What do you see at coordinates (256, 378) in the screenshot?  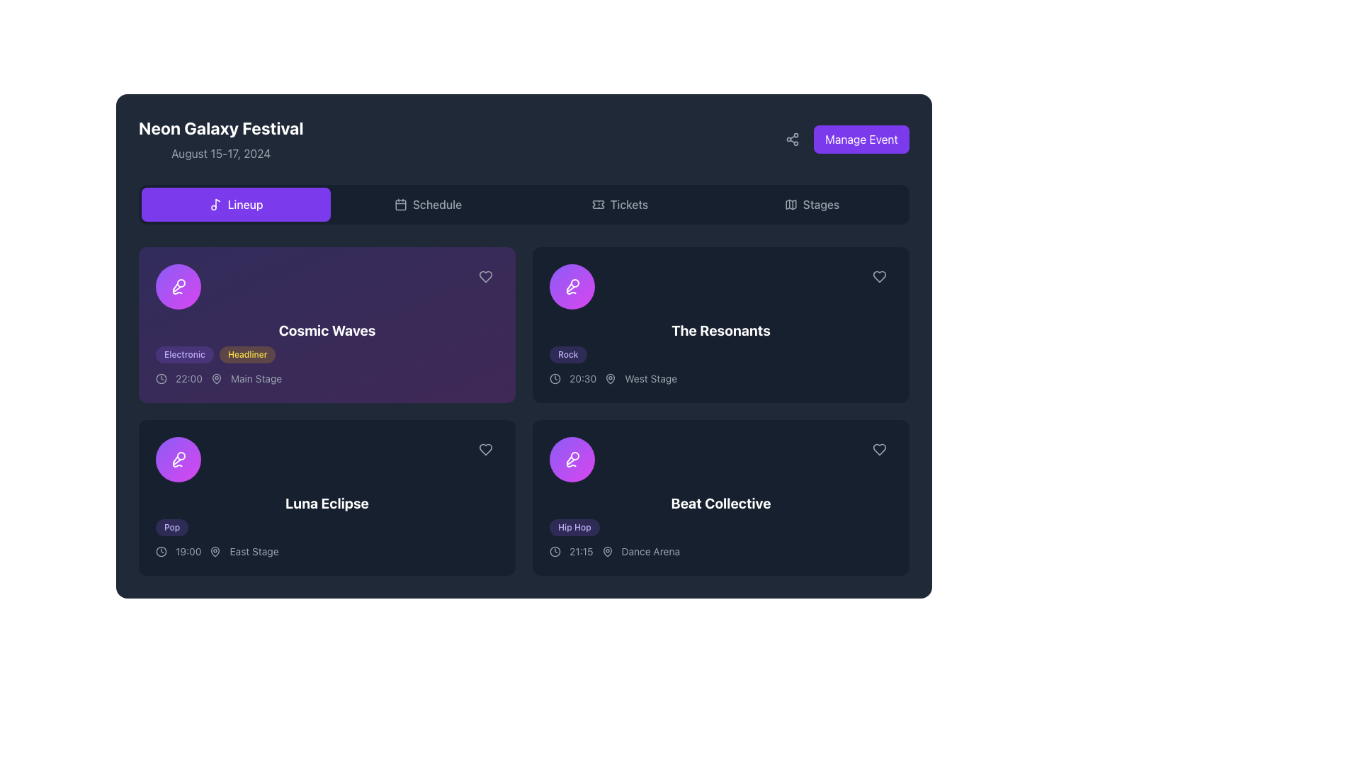 I see `the 'Main Stage' label, which indicates the stage name associated with the event, located at the bottom-right of the 'Lineup' tab below the 'Cosmic Waves' section` at bounding box center [256, 378].